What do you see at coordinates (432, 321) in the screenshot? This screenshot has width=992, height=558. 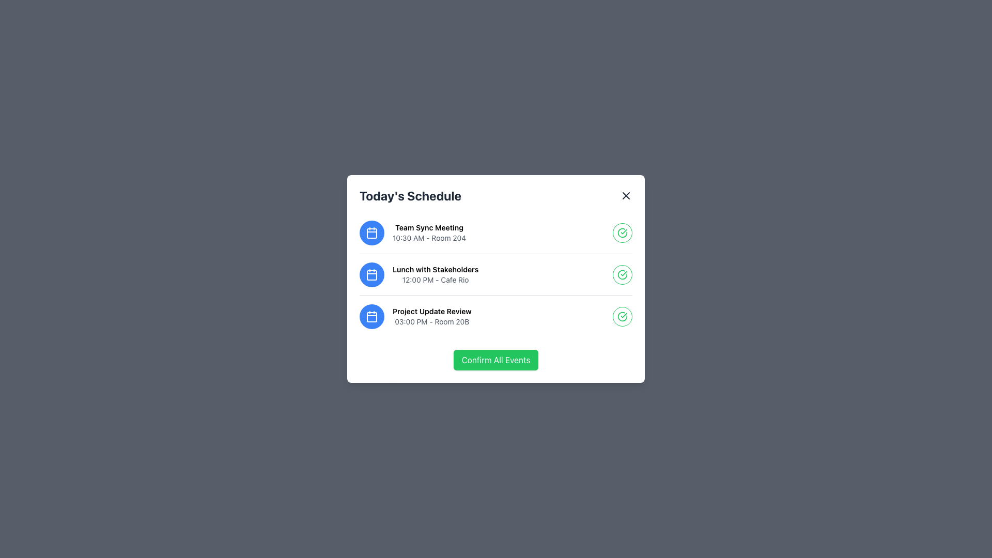 I see `the text label providing information about the scheduled event's time and location, which is the second line of text under the event title 'Project Update Review' in the schedule view` at bounding box center [432, 321].